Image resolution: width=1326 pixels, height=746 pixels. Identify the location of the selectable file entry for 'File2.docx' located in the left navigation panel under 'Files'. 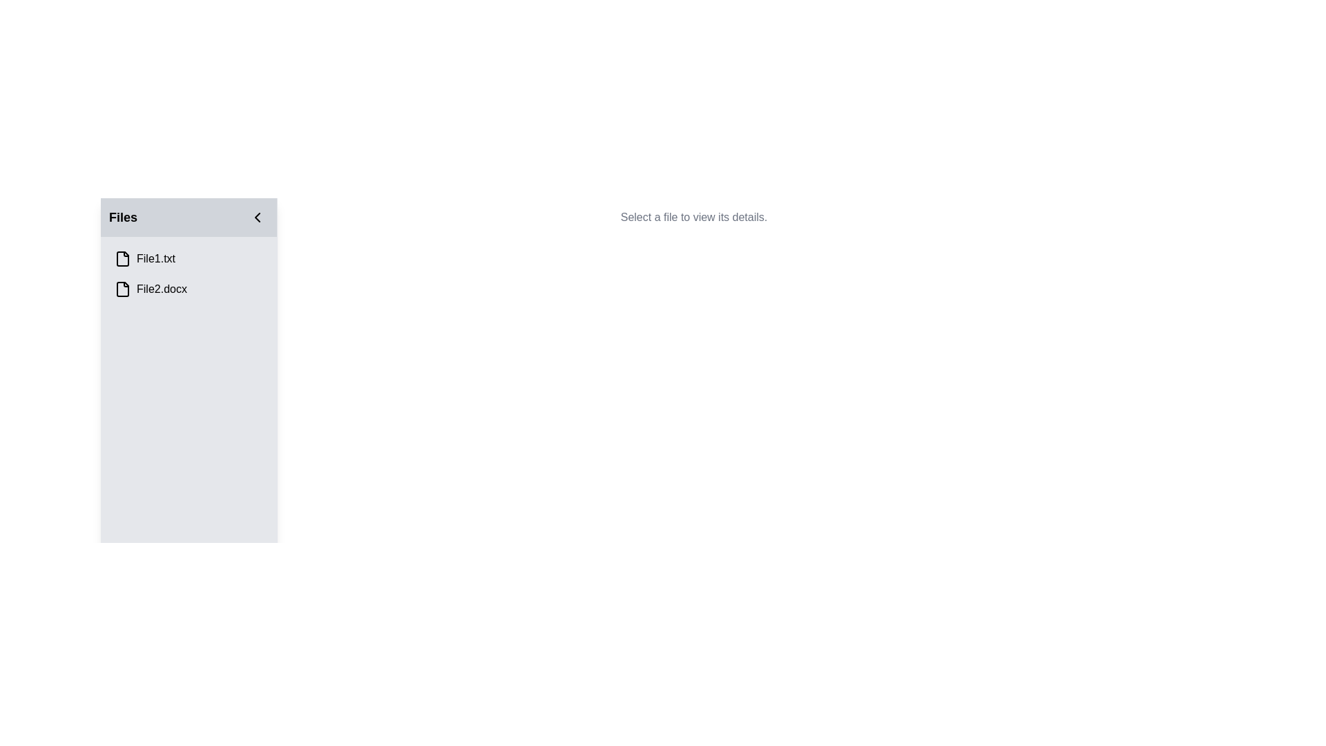
(188, 289).